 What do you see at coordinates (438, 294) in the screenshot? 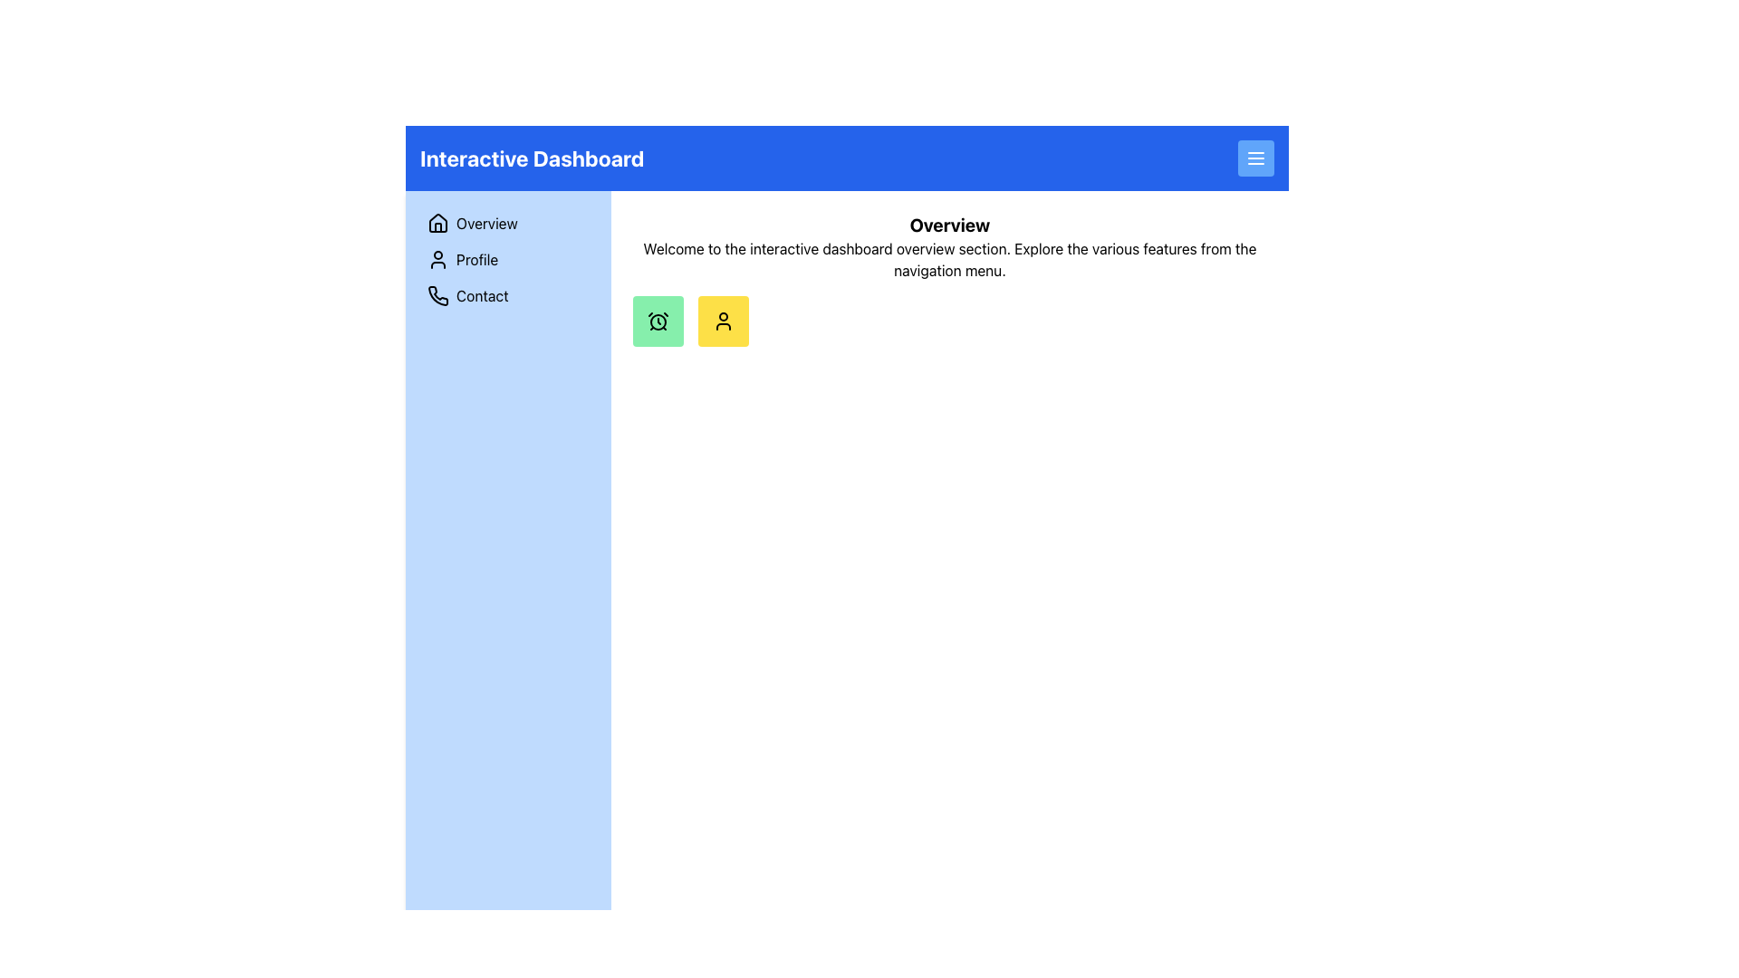
I see `the 'Contact' icon in the navigation menu` at bounding box center [438, 294].